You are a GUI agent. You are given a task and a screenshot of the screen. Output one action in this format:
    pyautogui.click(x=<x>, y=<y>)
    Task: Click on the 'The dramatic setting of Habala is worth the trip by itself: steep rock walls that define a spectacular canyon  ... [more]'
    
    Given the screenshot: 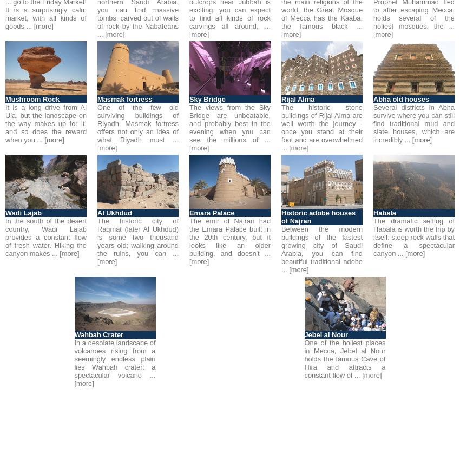 What is the action you would take?
    pyautogui.click(x=414, y=236)
    